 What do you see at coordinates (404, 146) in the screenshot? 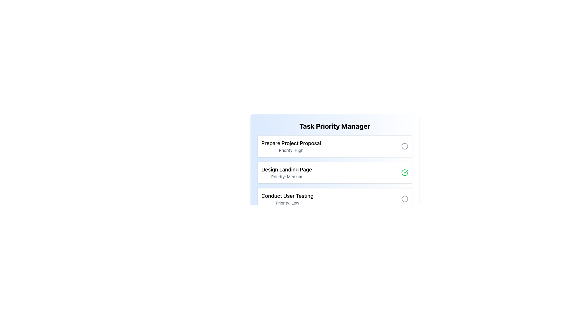
I see `the indicator element, which is a circle representing the status of the 'Prepare Project Proposal' task, located towards the right side of the task box` at bounding box center [404, 146].